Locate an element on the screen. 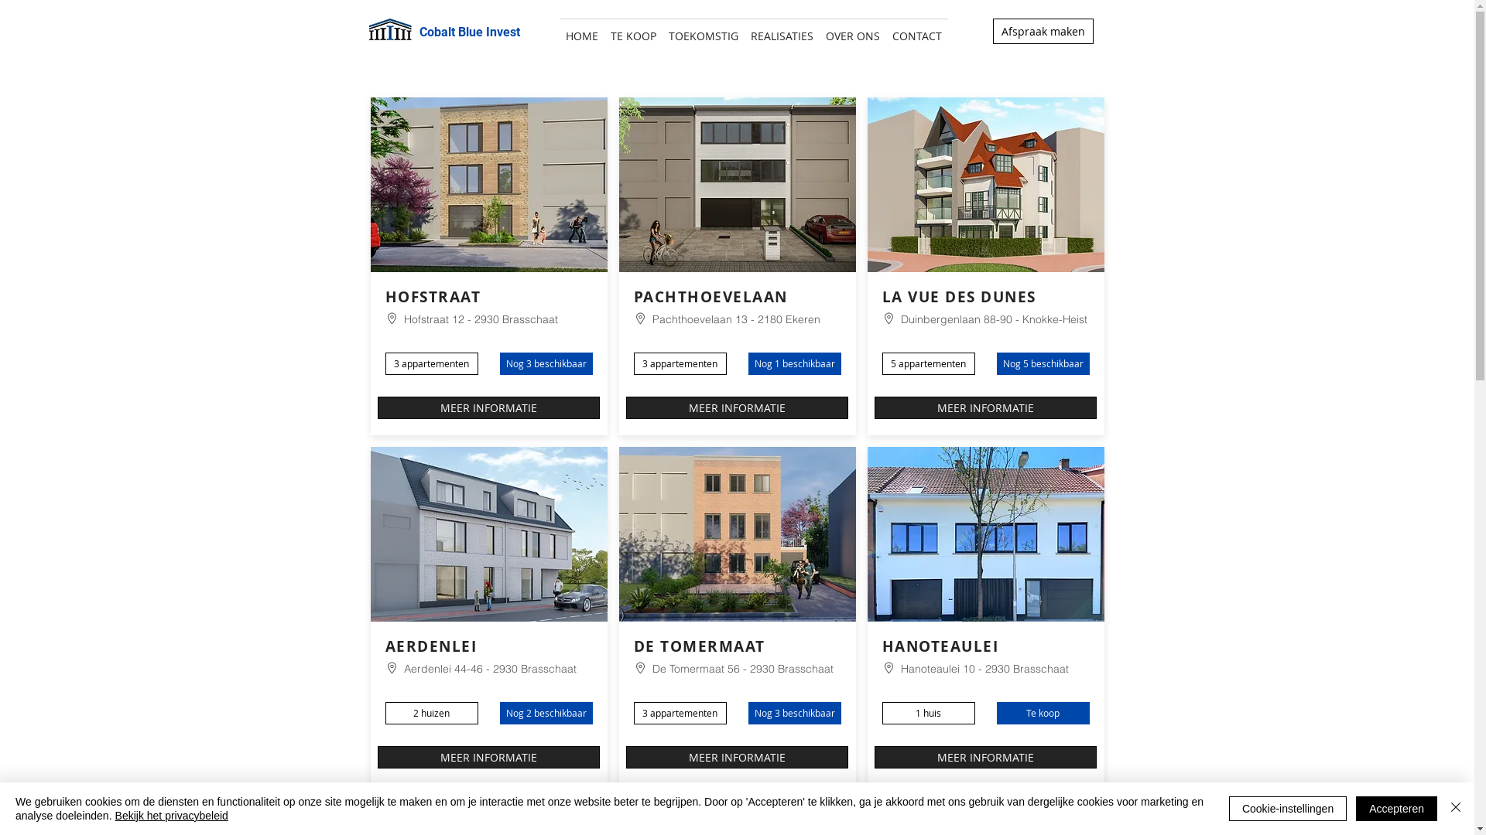  'Accepteren' is located at coordinates (1396, 807).